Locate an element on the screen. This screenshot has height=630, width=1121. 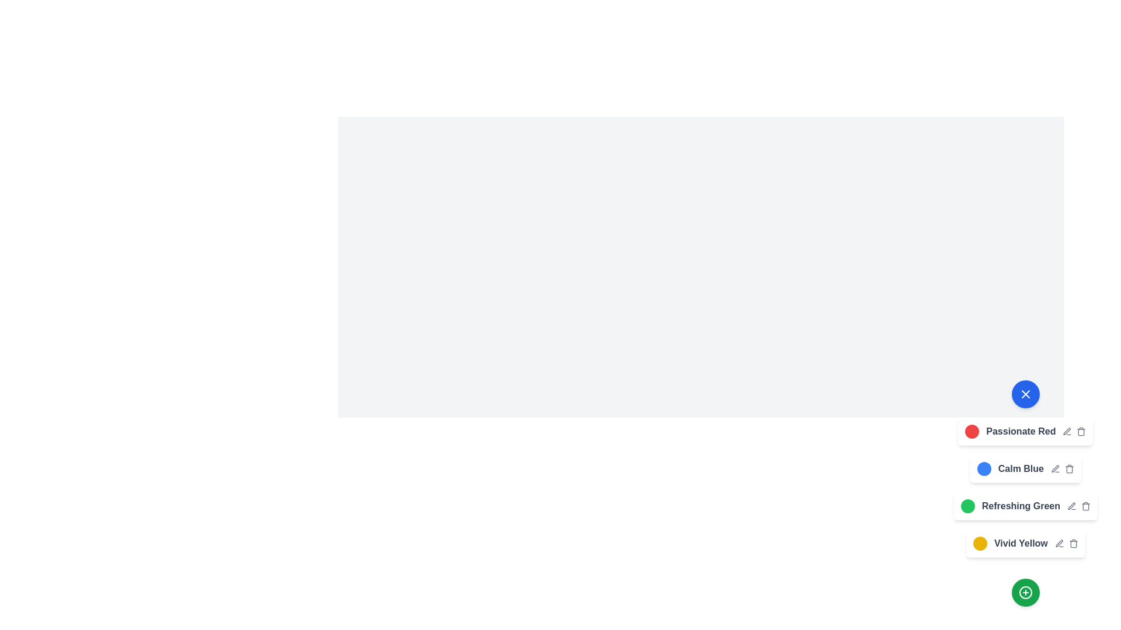
the trash icon to delete the color theme Calm Blue is located at coordinates (1070, 468).